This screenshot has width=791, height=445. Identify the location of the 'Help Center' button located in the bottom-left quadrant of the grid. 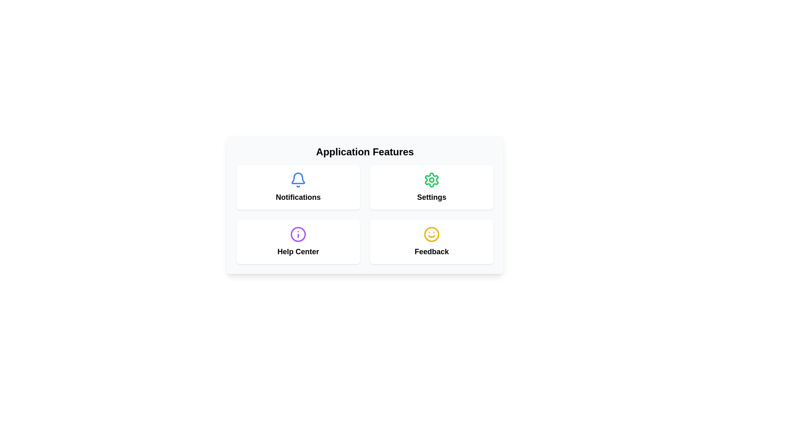
(298, 241).